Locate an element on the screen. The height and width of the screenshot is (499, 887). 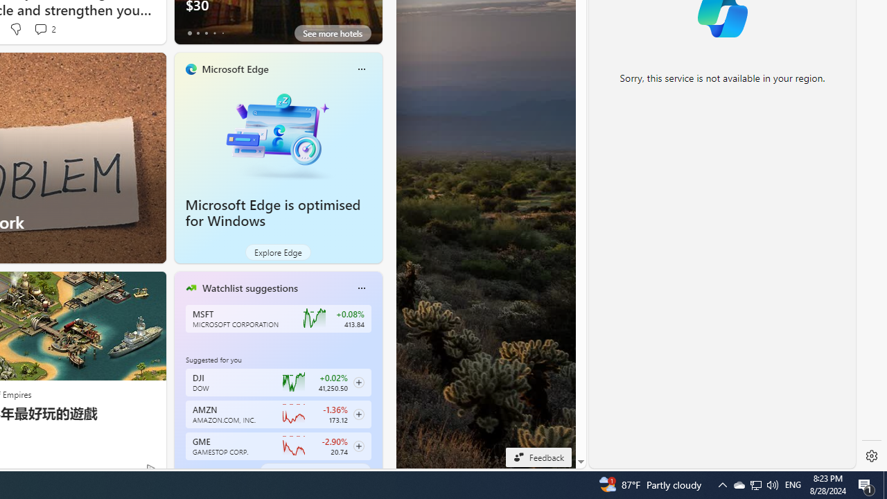
'Settings' is located at coordinates (871, 456).